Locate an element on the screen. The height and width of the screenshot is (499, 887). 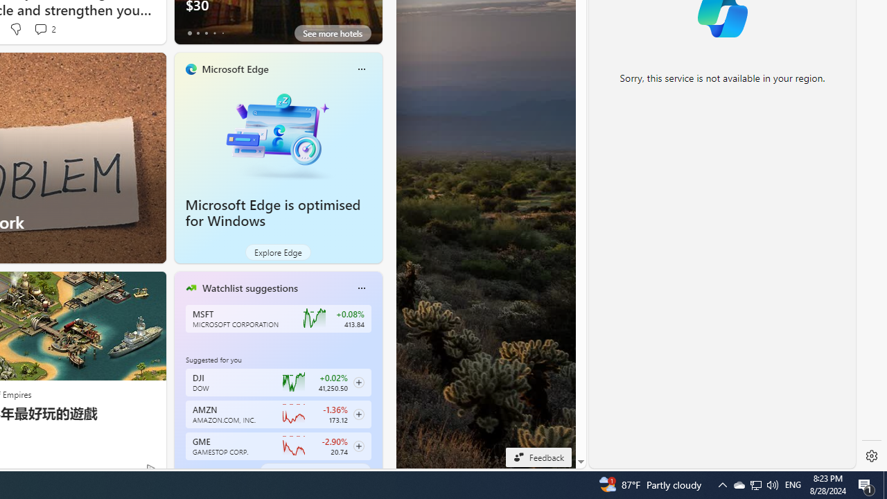
'Settings' is located at coordinates (871, 456).